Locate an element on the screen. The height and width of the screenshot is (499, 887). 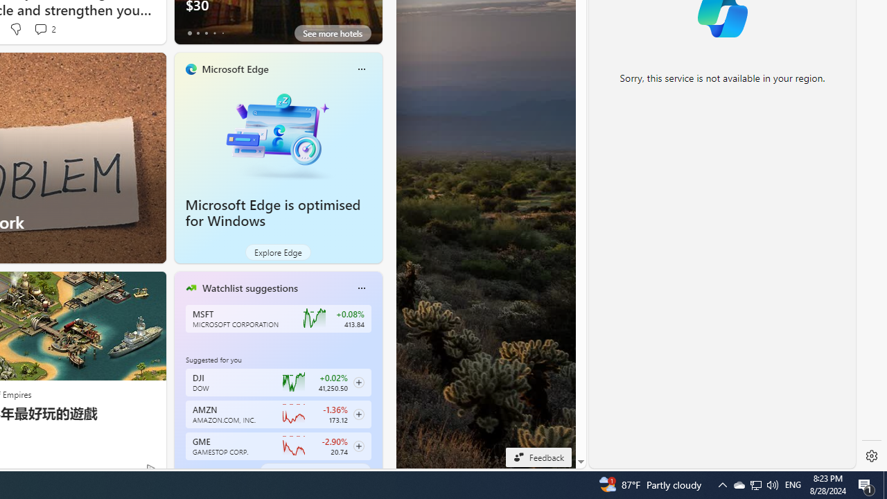
'Settings' is located at coordinates (871, 456).